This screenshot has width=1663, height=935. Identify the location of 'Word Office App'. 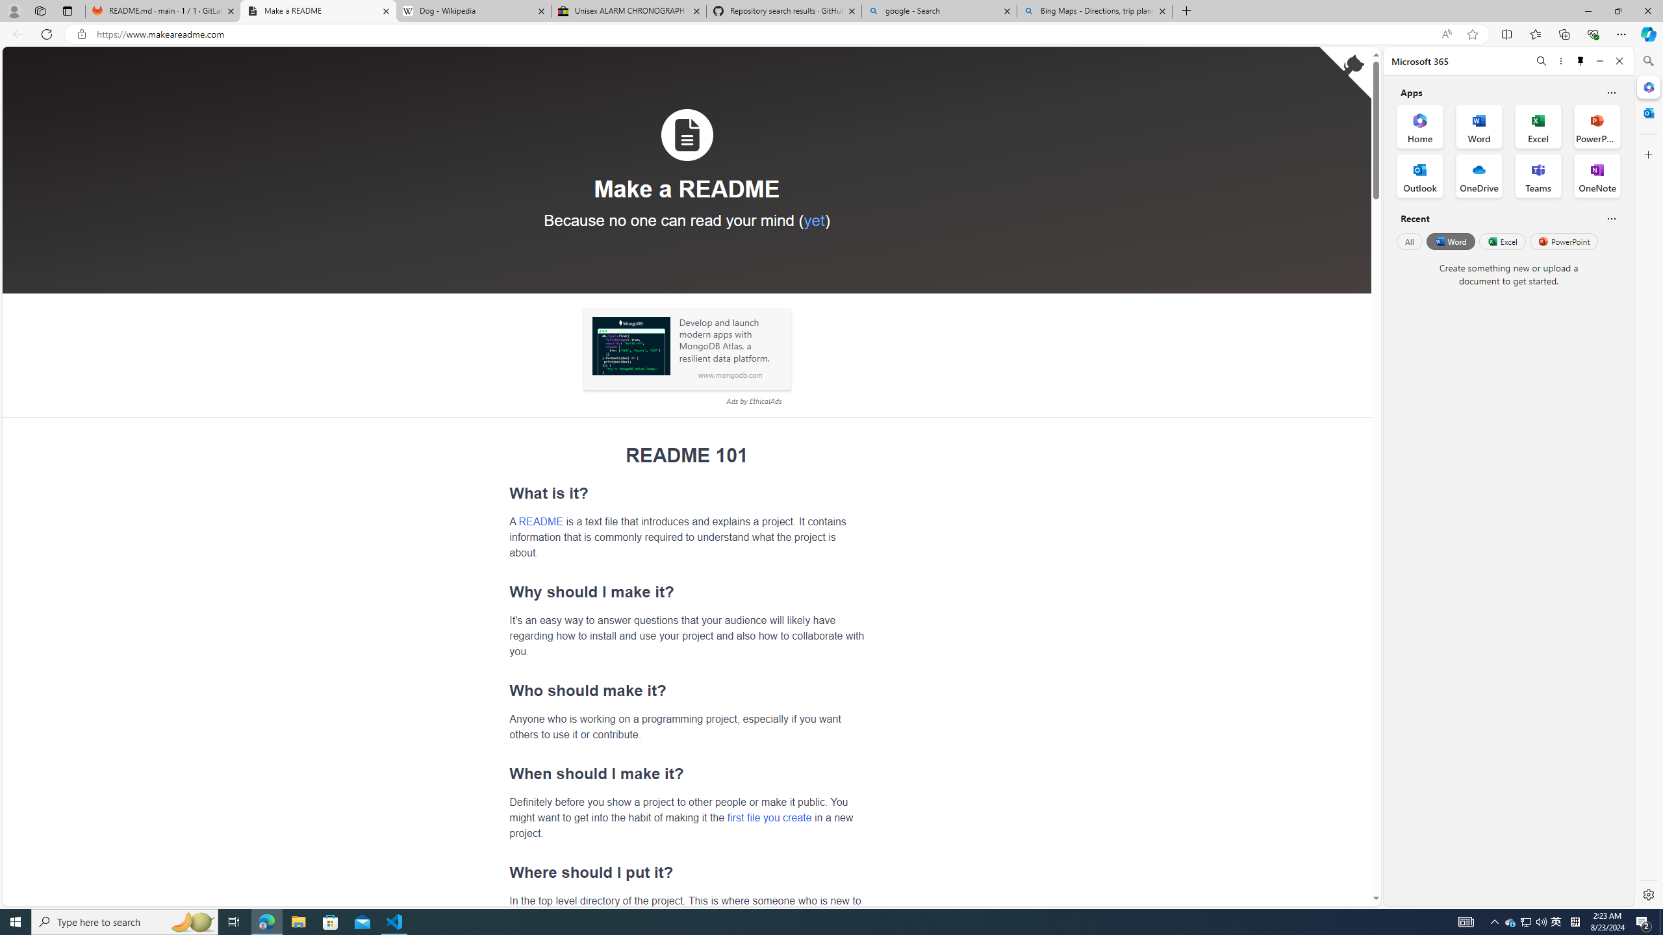
(1479, 127).